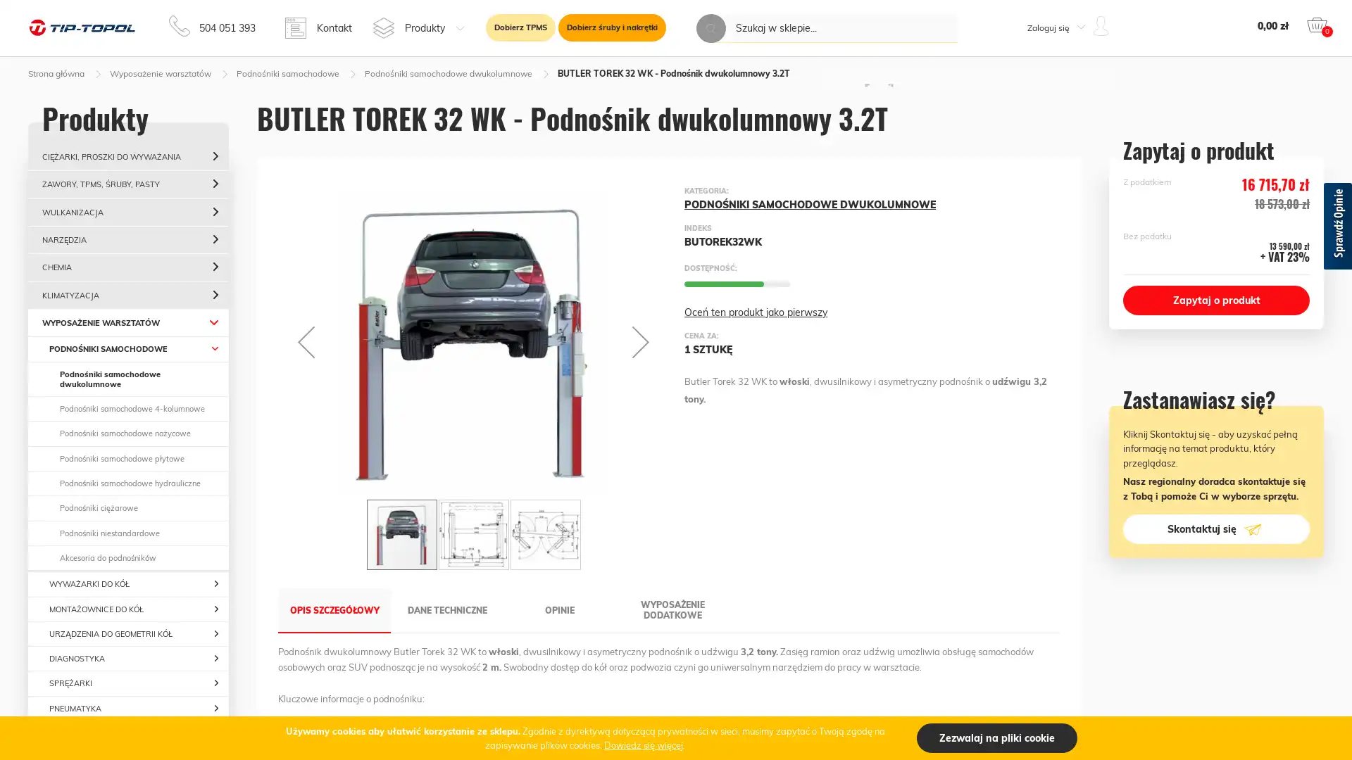 The height and width of the screenshot is (760, 1352). I want to click on Next, so click(658, 534).